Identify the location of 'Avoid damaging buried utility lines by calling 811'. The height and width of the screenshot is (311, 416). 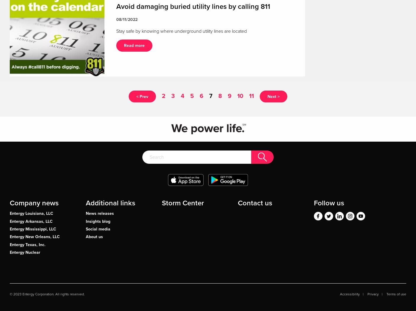
(193, 6).